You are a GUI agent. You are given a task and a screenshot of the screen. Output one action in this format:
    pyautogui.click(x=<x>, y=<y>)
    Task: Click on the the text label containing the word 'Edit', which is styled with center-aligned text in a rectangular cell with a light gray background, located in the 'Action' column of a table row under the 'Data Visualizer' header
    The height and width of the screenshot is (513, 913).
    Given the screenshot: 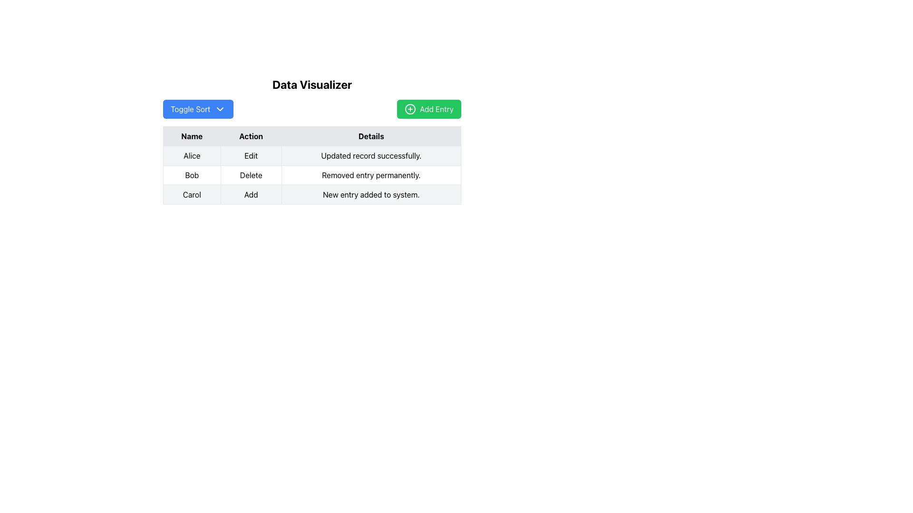 What is the action you would take?
    pyautogui.click(x=251, y=155)
    